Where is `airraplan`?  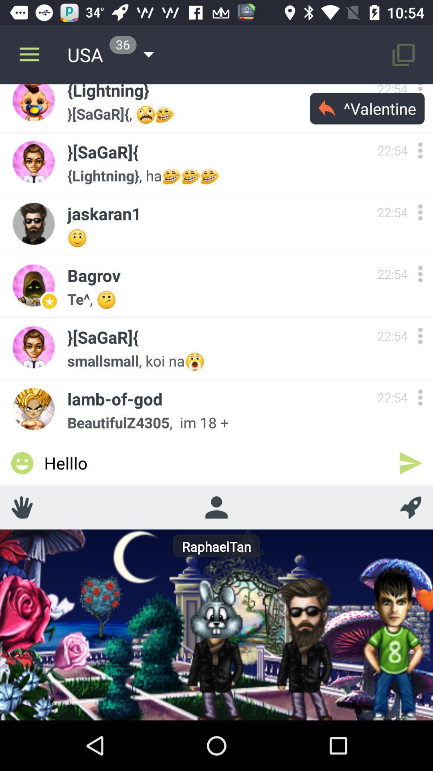
airraplan is located at coordinates (411, 507).